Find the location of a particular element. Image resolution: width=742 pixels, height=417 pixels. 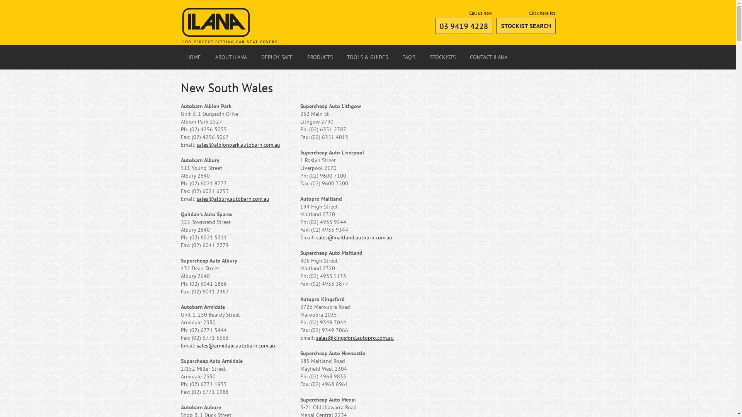

'FAQ'S' is located at coordinates (397, 57).